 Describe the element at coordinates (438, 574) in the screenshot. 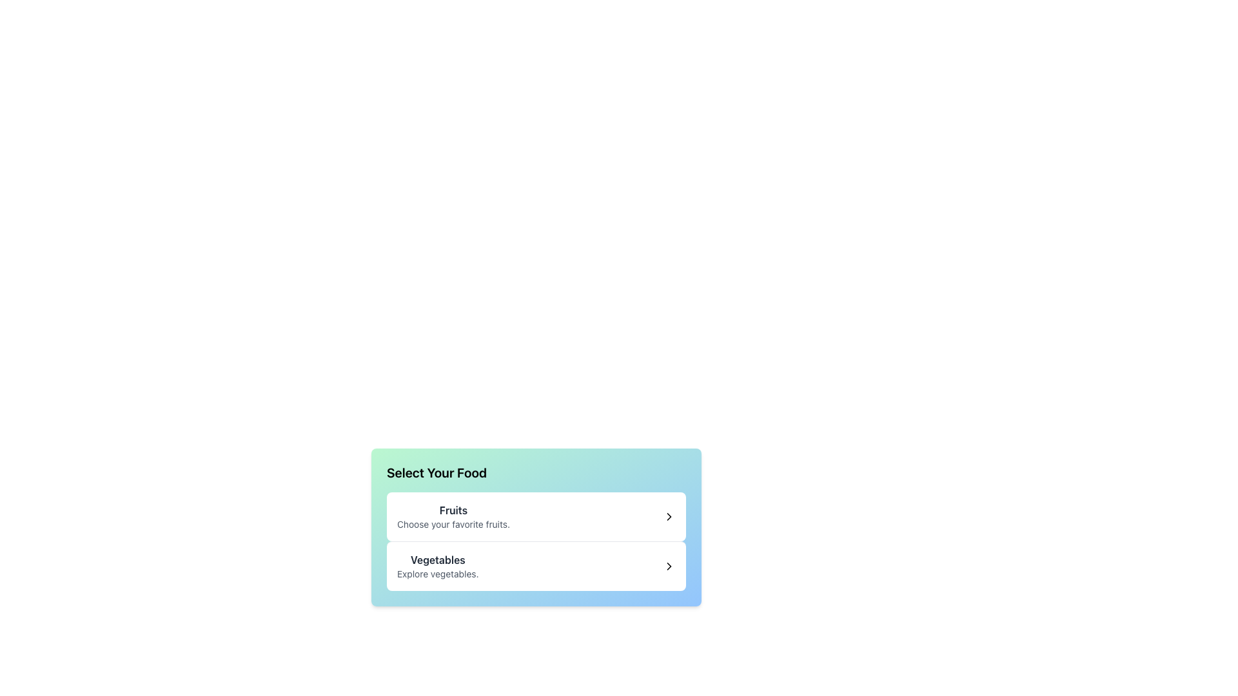

I see `the descriptive text label providing context about the 'Vegetables' section, located beneath the 'Vegetables' title in the 'Select Your Food' menu card` at that location.